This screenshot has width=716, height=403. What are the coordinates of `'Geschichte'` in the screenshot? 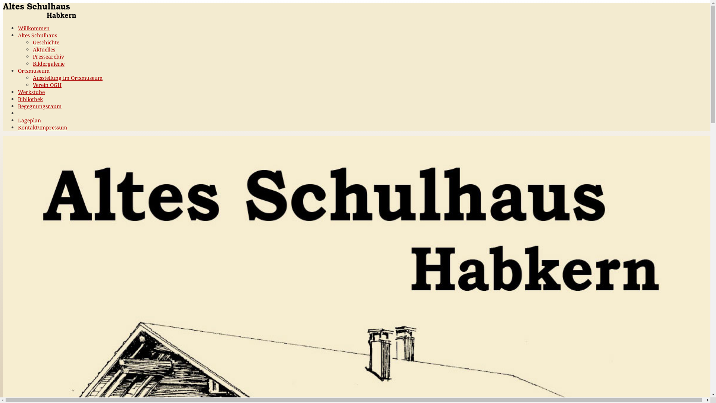 It's located at (45, 42).